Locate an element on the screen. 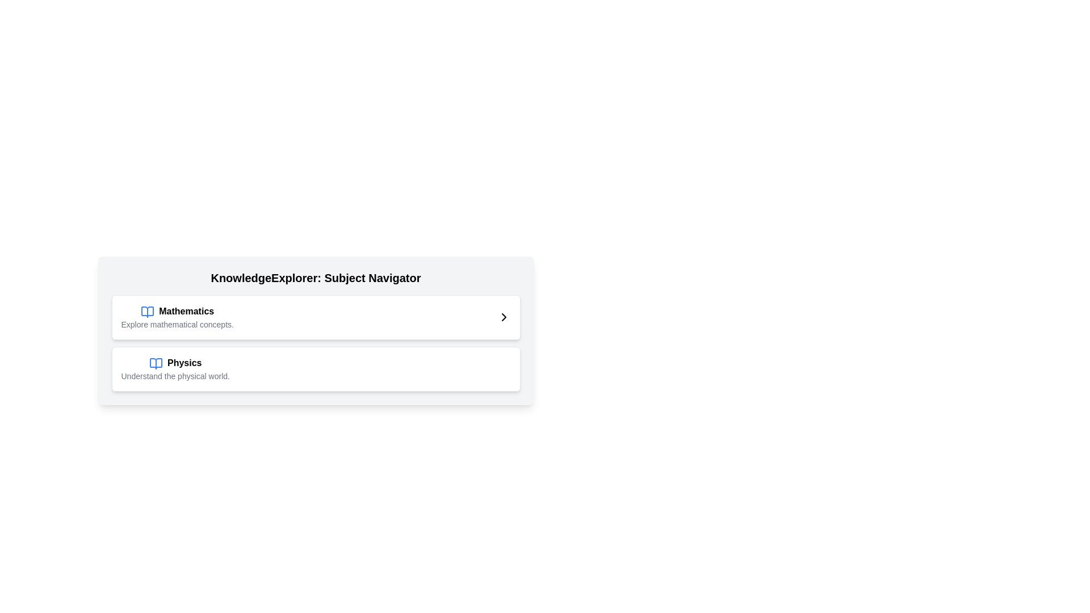 The width and height of the screenshot is (1090, 613). the open book icon in the Mathematics navigation card, which is distinguished by its blue hue and is the first item in the icon group is located at coordinates (147, 312).